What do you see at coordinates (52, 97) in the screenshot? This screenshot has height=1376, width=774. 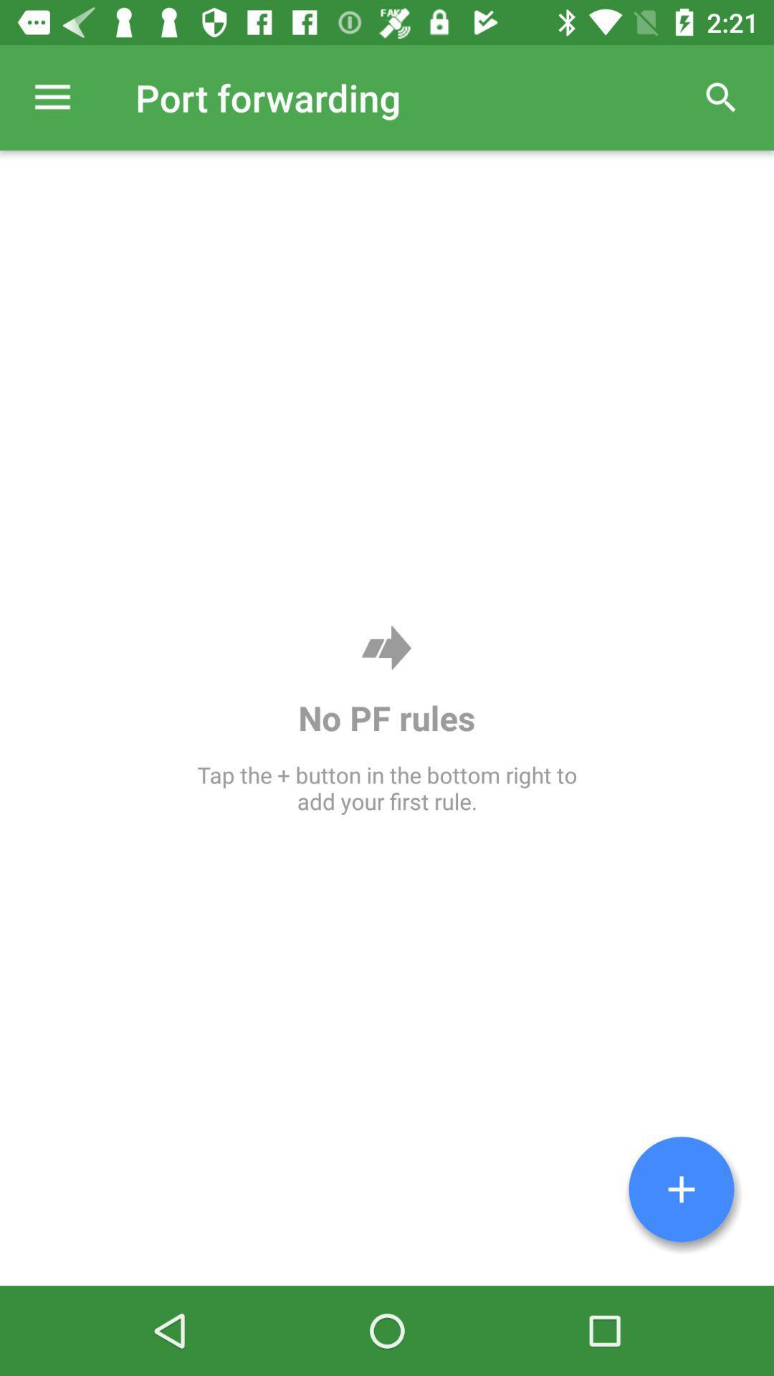 I see `item next to the port forwarding` at bounding box center [52, 97].